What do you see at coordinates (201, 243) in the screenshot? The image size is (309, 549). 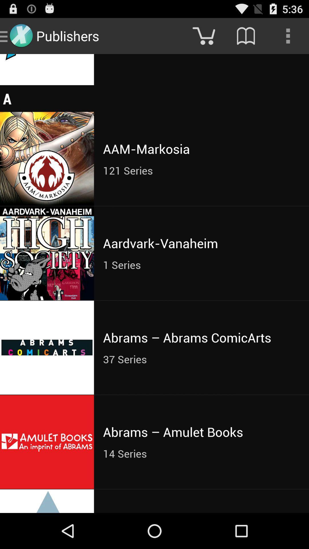 I see `the icon below the 121 series` at bounding box center [201, 243].